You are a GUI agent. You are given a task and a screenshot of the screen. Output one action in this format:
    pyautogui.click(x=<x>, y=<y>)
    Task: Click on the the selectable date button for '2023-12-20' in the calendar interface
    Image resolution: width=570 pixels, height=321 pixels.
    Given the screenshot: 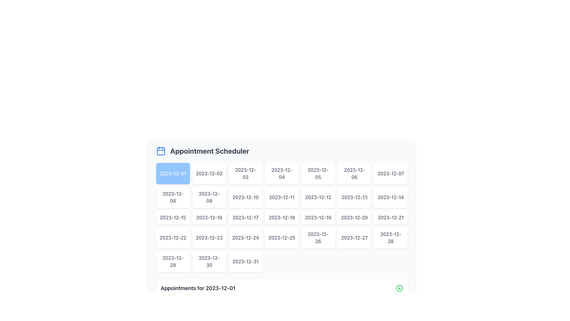 What is the action you would take?
    pyautogui.click(x=354, y=218)
    